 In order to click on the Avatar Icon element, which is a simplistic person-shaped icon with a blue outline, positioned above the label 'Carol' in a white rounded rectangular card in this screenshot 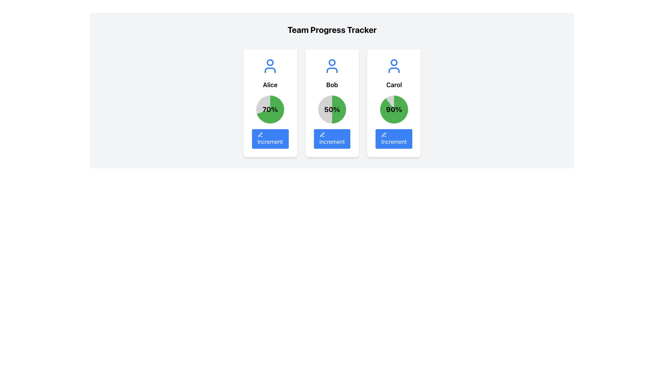, I will do `click(394, 66)`.